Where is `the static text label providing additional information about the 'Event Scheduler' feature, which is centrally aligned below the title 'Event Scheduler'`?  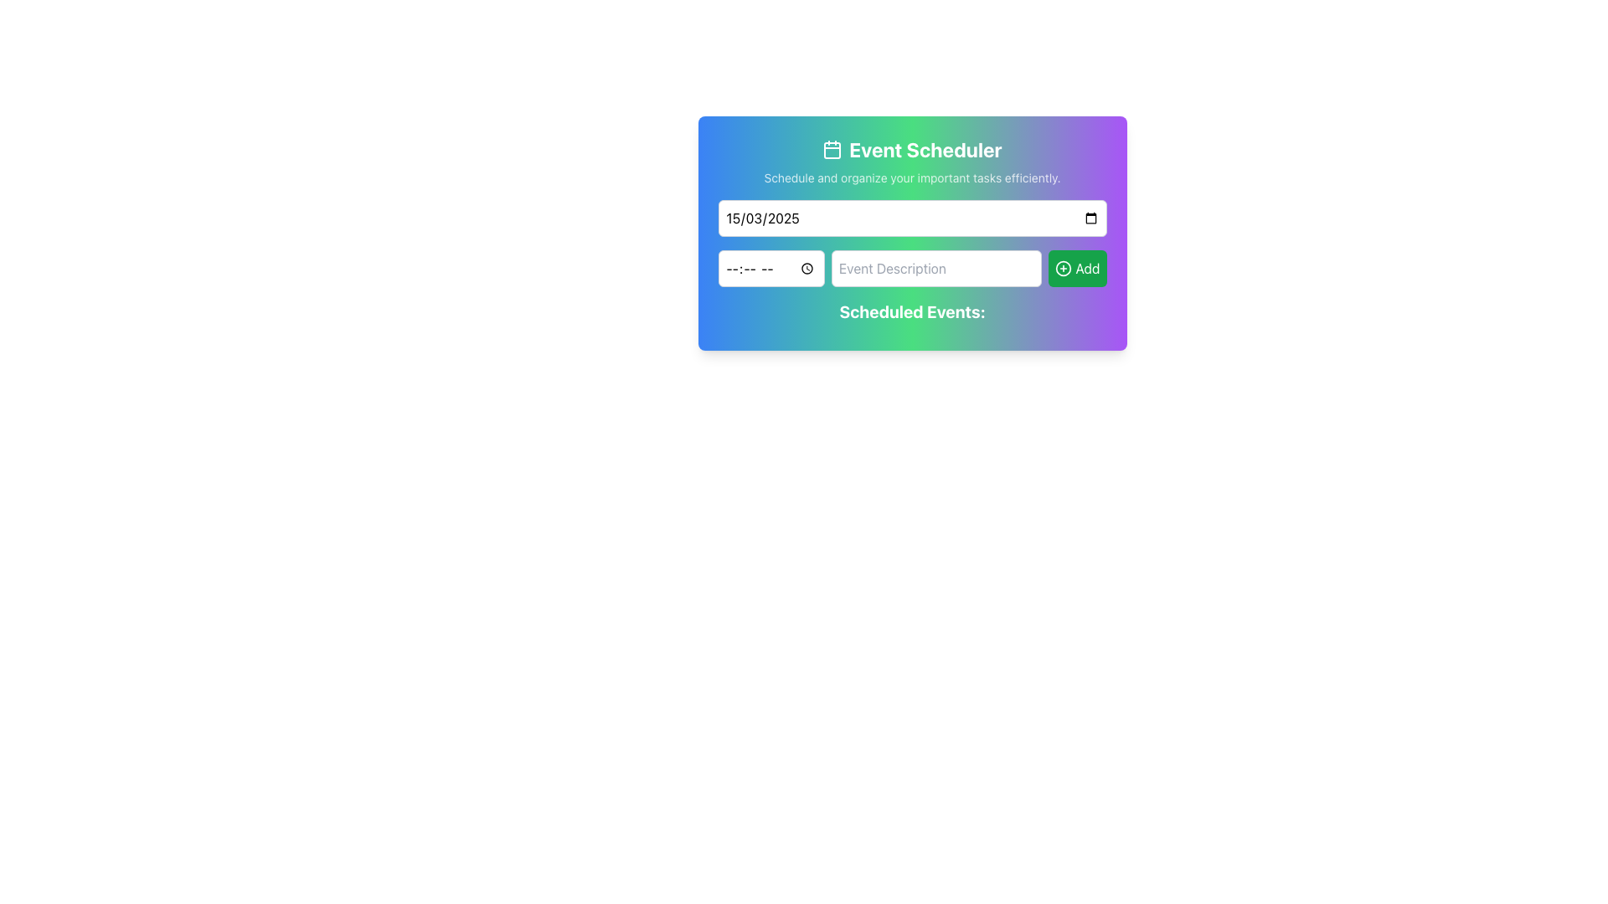 the static text label providing additional information about the 'Event Scheduler' feature, which is centrally aligned below the title 'Event Scheduler' is located at coordinates (911, 177).